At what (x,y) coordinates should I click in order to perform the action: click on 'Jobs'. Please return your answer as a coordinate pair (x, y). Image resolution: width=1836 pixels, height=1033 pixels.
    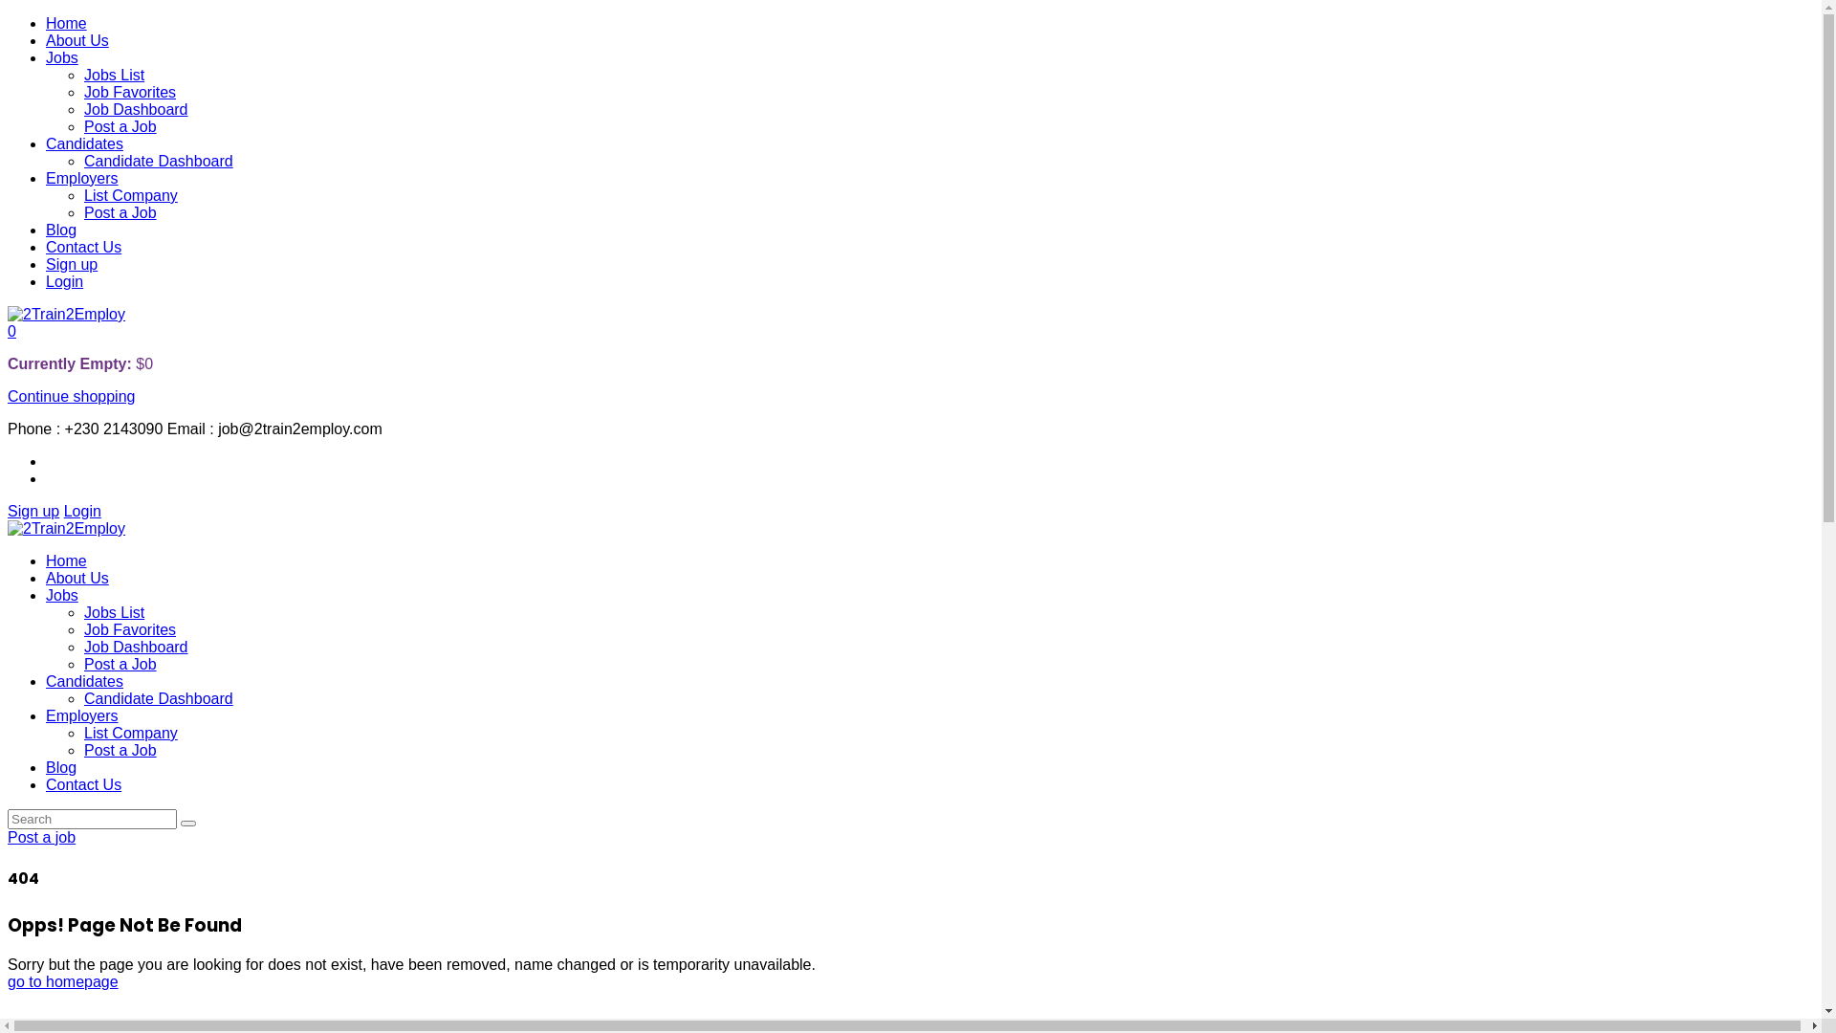
    Looking at the image, I should click on (62, 56).